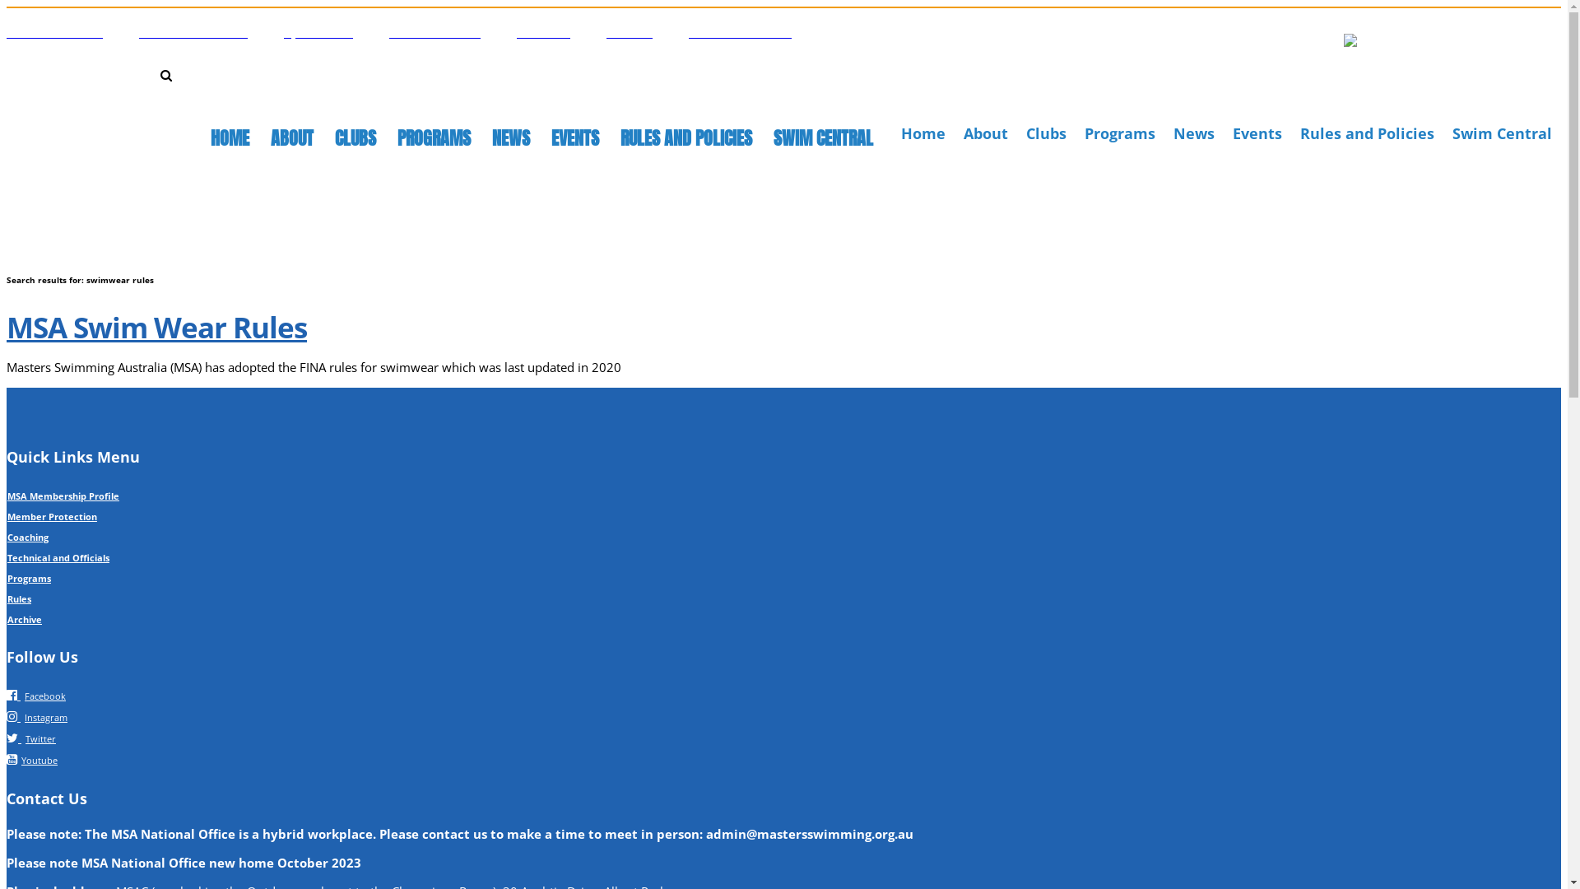 This screenshot has width=1580, height=889. I want to click on 'PROGRAMS', so click(434, 137).